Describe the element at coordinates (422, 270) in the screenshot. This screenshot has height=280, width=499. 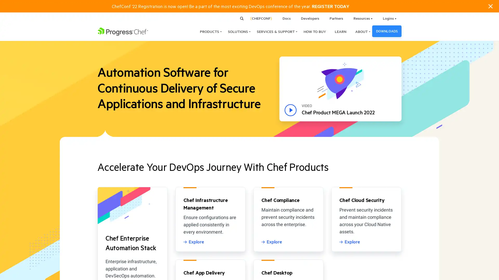
I see `ACCEPT COOKIES` at that location.